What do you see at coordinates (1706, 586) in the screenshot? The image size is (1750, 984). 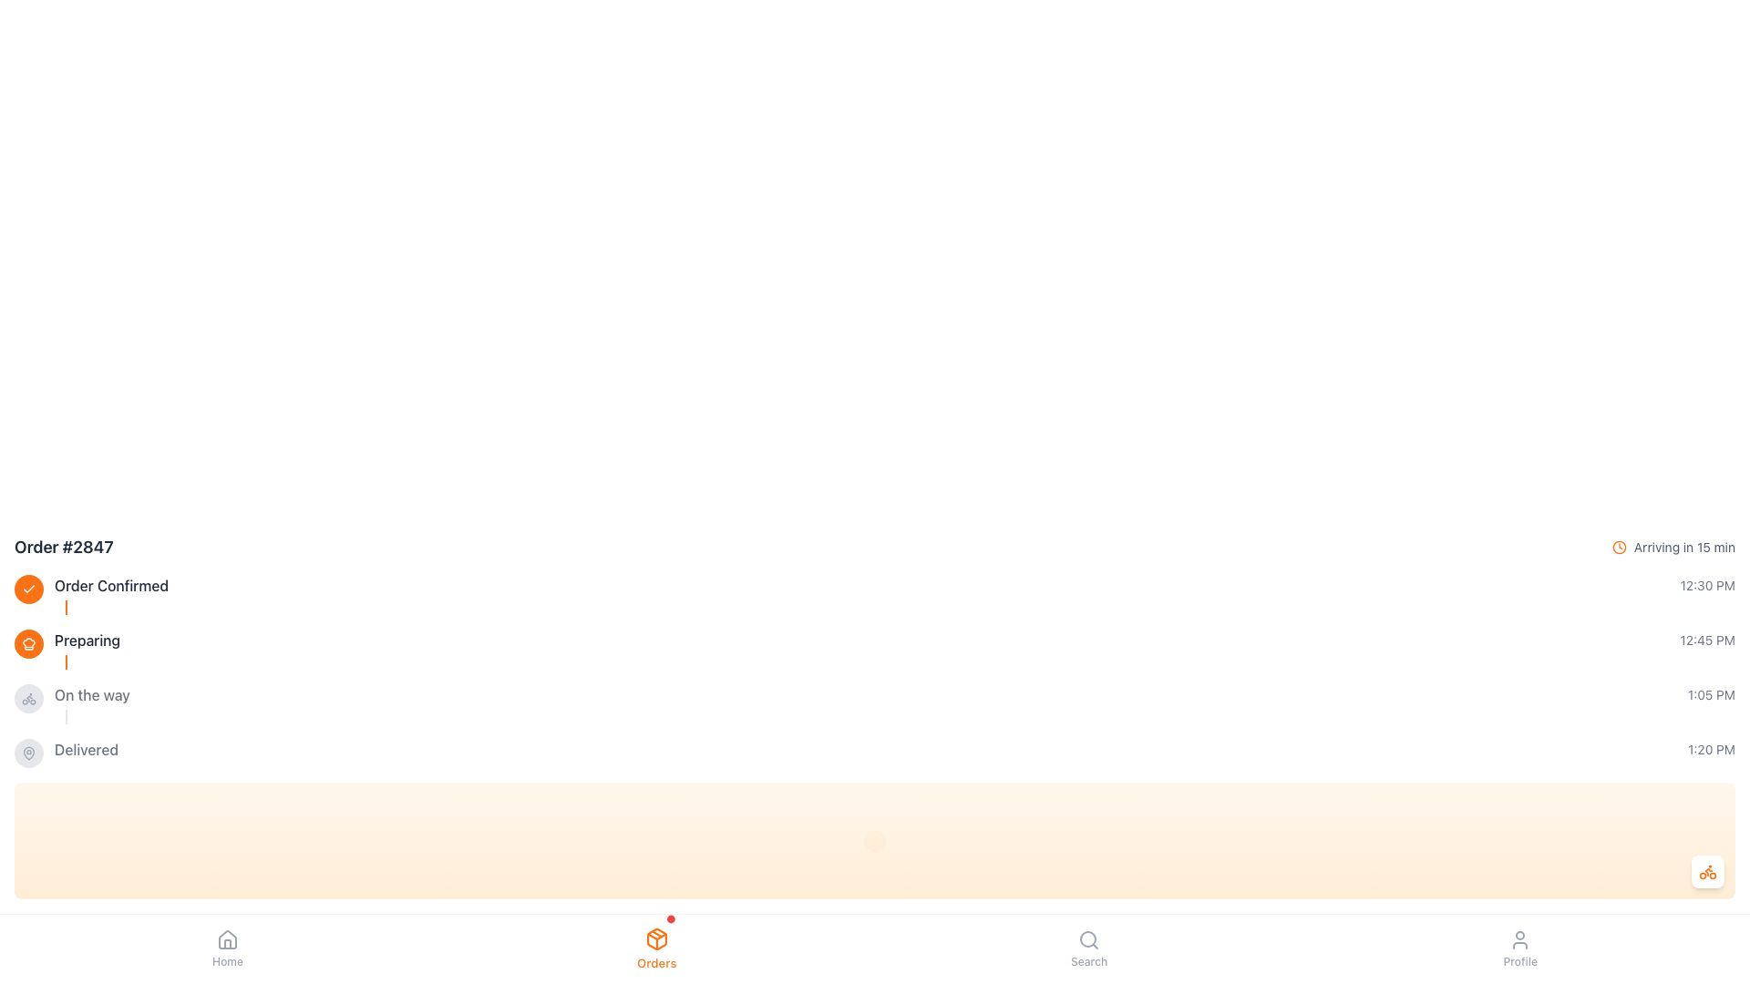 I see `the timestamp text element located in the upper-right area of the user interface, which indicates the time associated with the 'Order Confirmed' status` at bounding box center [1706, 586].